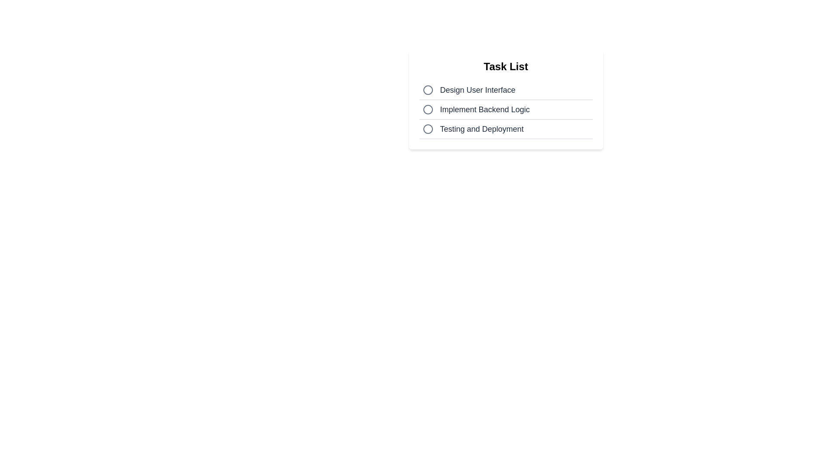 Image resolution: width=832 pixels, height=468 pixels. Describe the element at coordinates (506, 90) in the screenshot. I see `the circular marker of the first task in the task list` at that location.